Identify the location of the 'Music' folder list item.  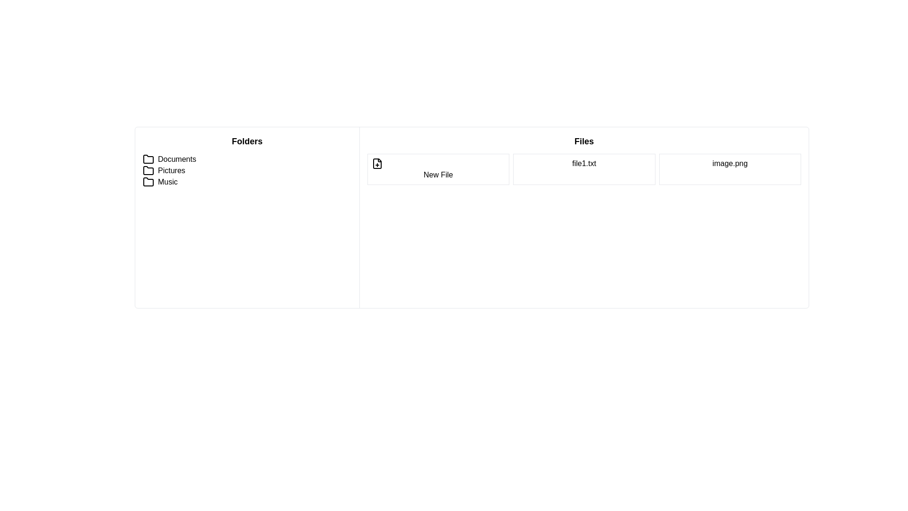
(247, 182).